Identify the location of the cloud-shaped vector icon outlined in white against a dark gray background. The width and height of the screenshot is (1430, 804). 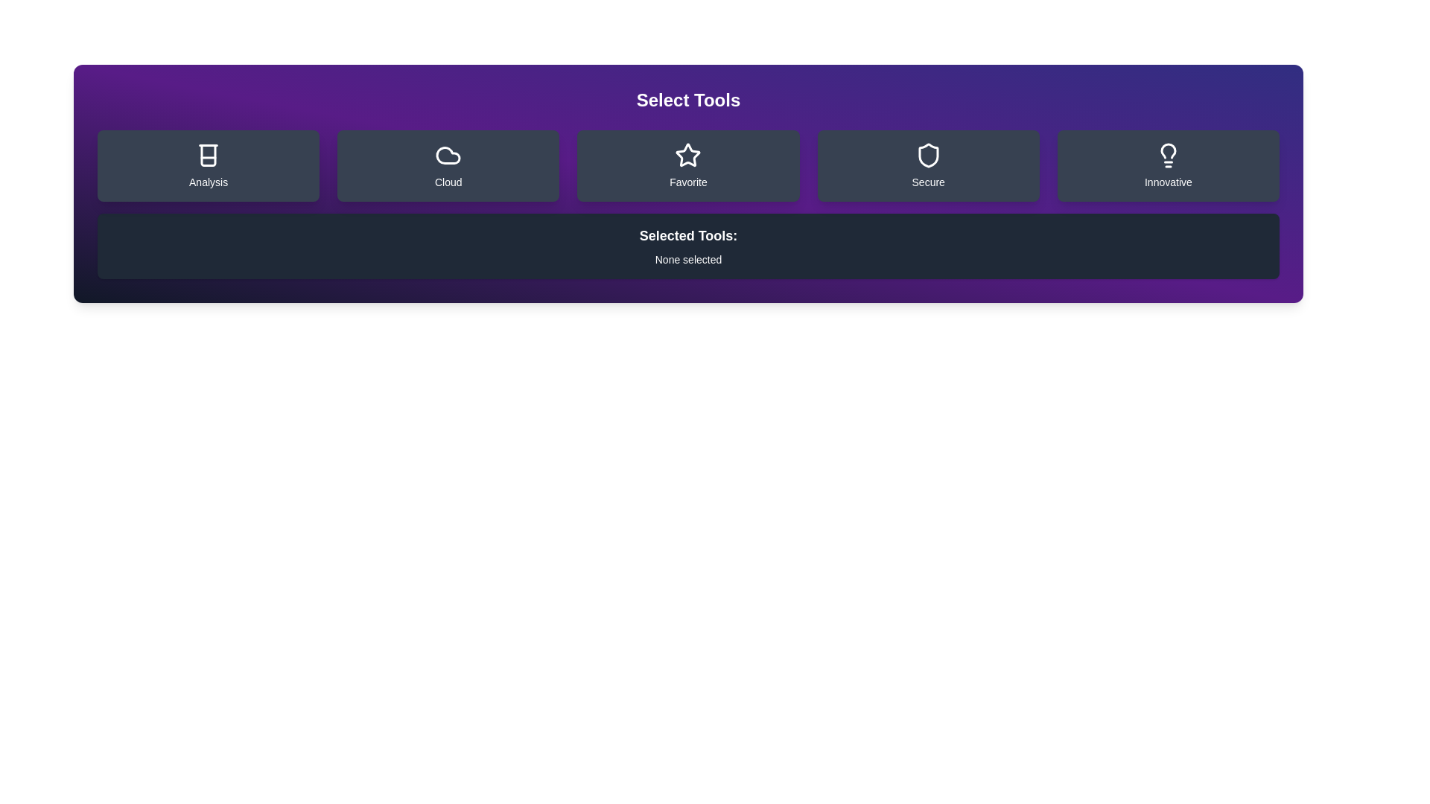
(448, 155).